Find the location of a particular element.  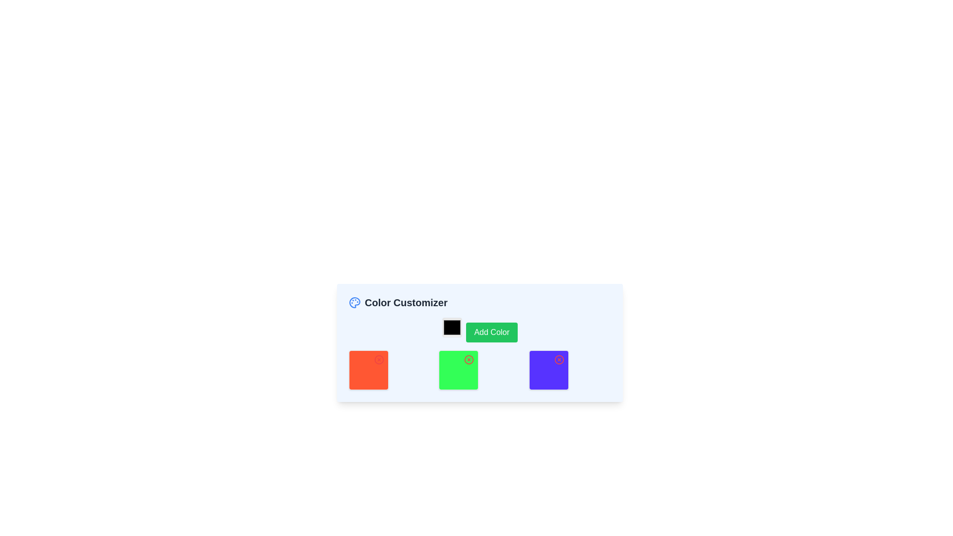

the close button located in the top-right corner of the purple square card, which is the third item from the left below the 'Color Customizer' header section is located at coordinates (559, 360).